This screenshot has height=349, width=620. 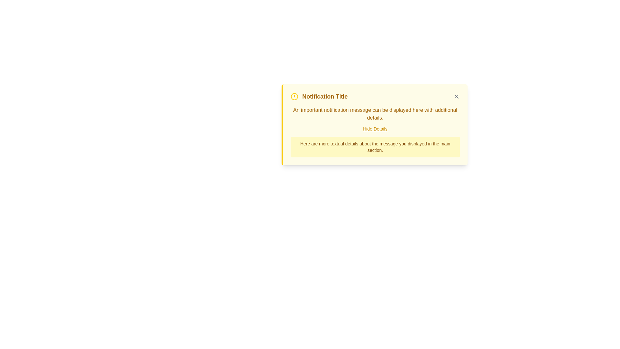 I want to click on the text label displaying 'Here are more textual details about the message you displayed in the main section.', styled with small yellow text in a notification context, so click(x=375, y=147).